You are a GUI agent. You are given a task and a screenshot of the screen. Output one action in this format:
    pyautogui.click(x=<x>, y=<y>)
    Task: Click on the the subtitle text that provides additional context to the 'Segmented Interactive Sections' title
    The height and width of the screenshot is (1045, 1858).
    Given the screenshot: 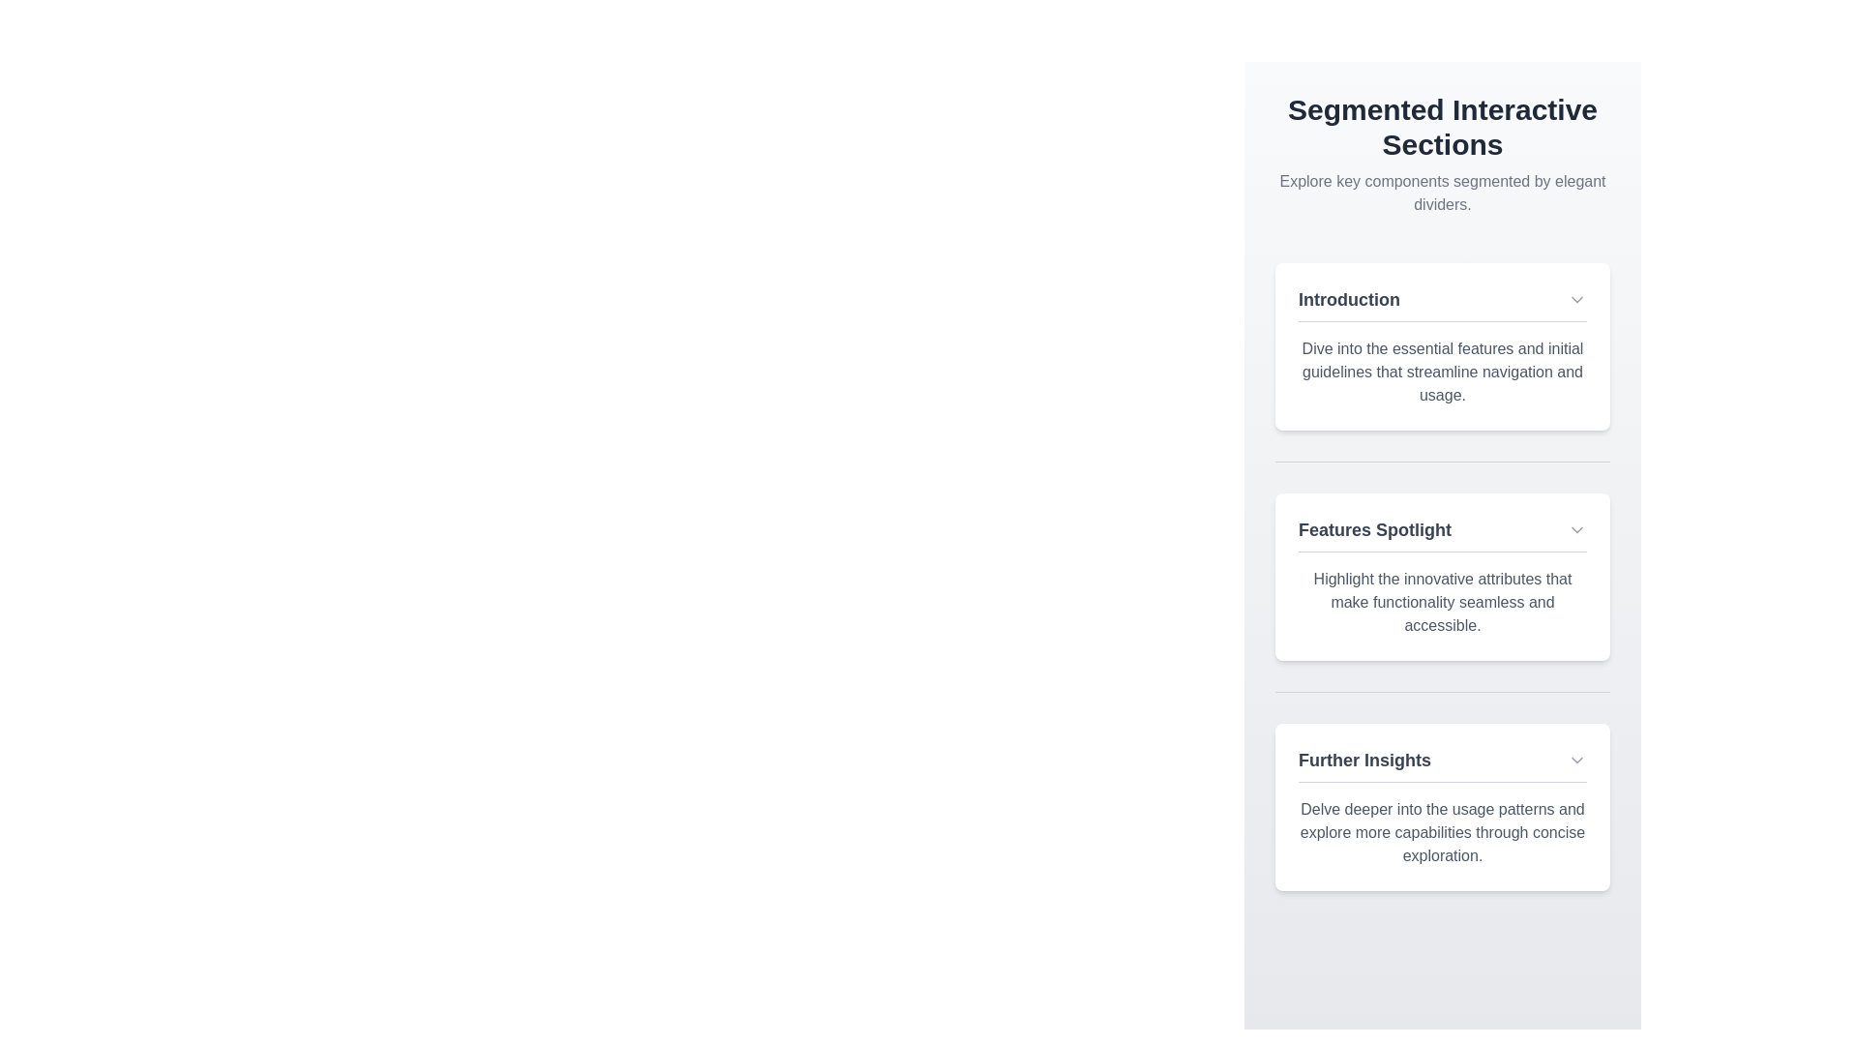 What is the action you would take?
    pyautogui.click(x=1443, y=194)
    